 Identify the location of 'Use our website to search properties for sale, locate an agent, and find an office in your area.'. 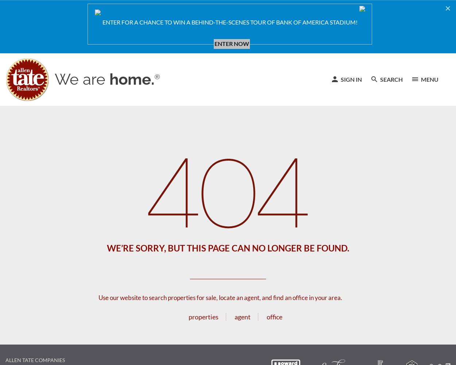
(98, 297).